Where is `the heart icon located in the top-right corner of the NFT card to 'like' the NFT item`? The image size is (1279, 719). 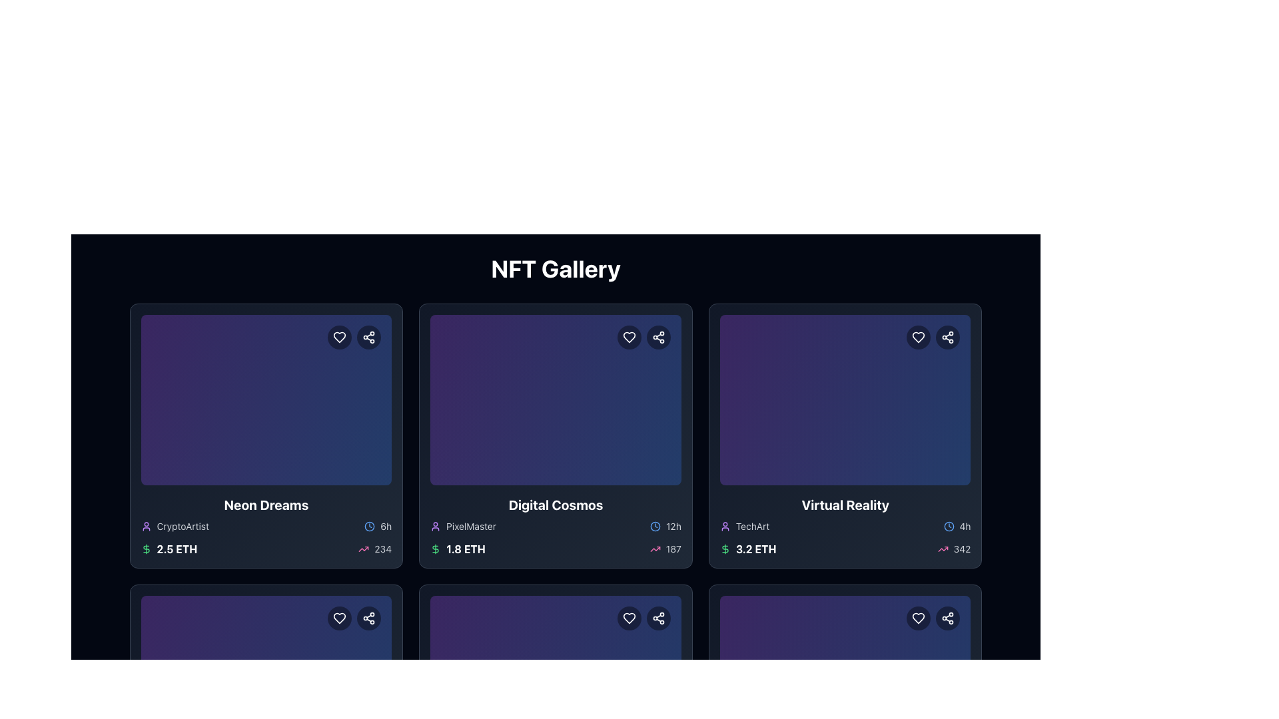 the heart icon located in the top-right corner of the NFT card to 'like' the NFT item is located at coordinates (340, 618).